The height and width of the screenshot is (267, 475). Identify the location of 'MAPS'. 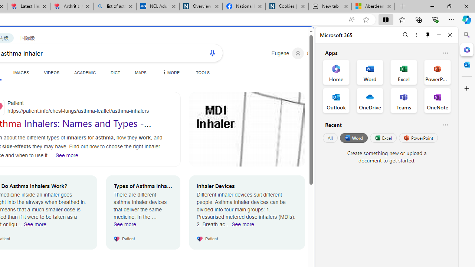
(140, 72).